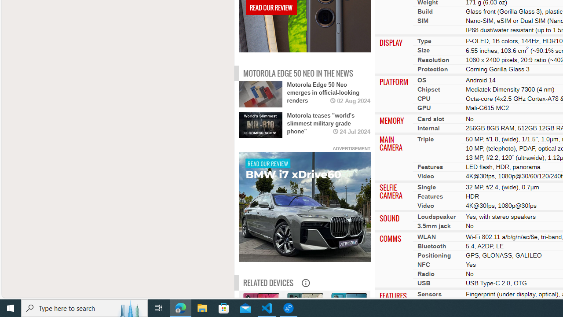  Describe the element at coordinates (428, 89) in the screenshot. I see `'Chipset'` at that location.